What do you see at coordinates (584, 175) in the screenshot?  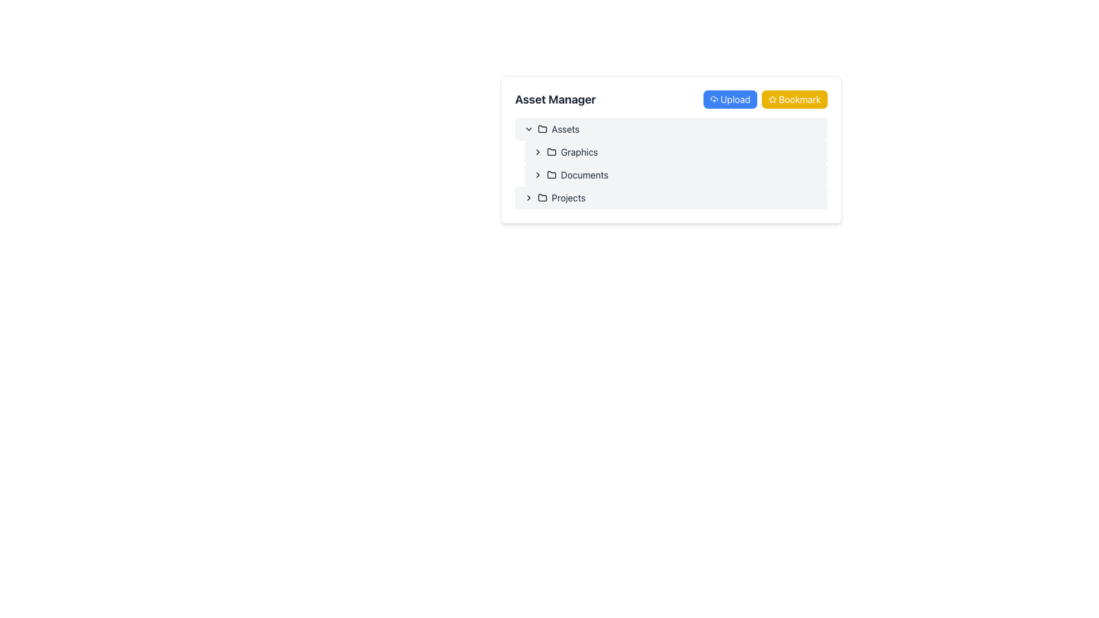 I see `the 'Documents' text label, which is displayed in a medium gray sans-serif typeface and is the third list item under the 'Assets' group in the sidebar menu` at bounding box center [584, 175].